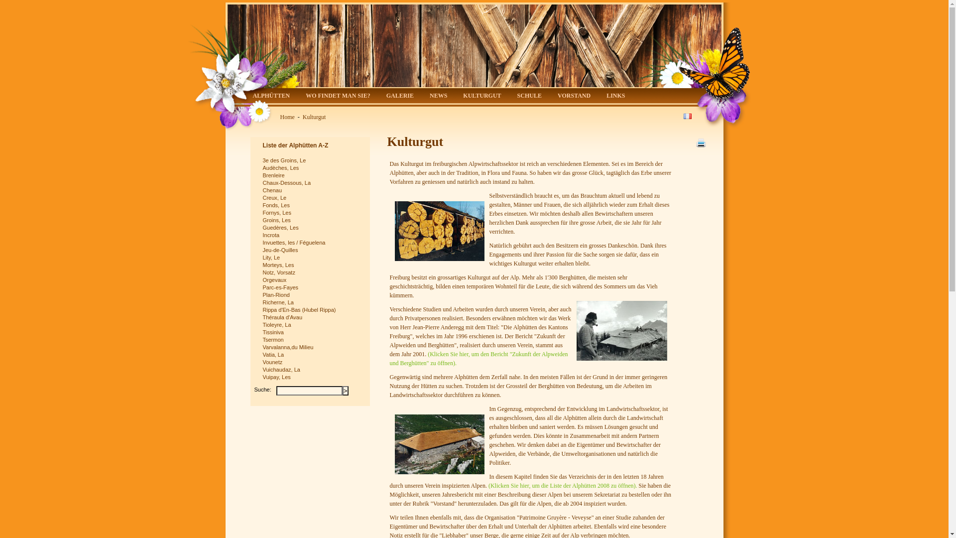 This screenshot has width=956, height=538. I want to click on 'Tissiniva', so click(311, 332).